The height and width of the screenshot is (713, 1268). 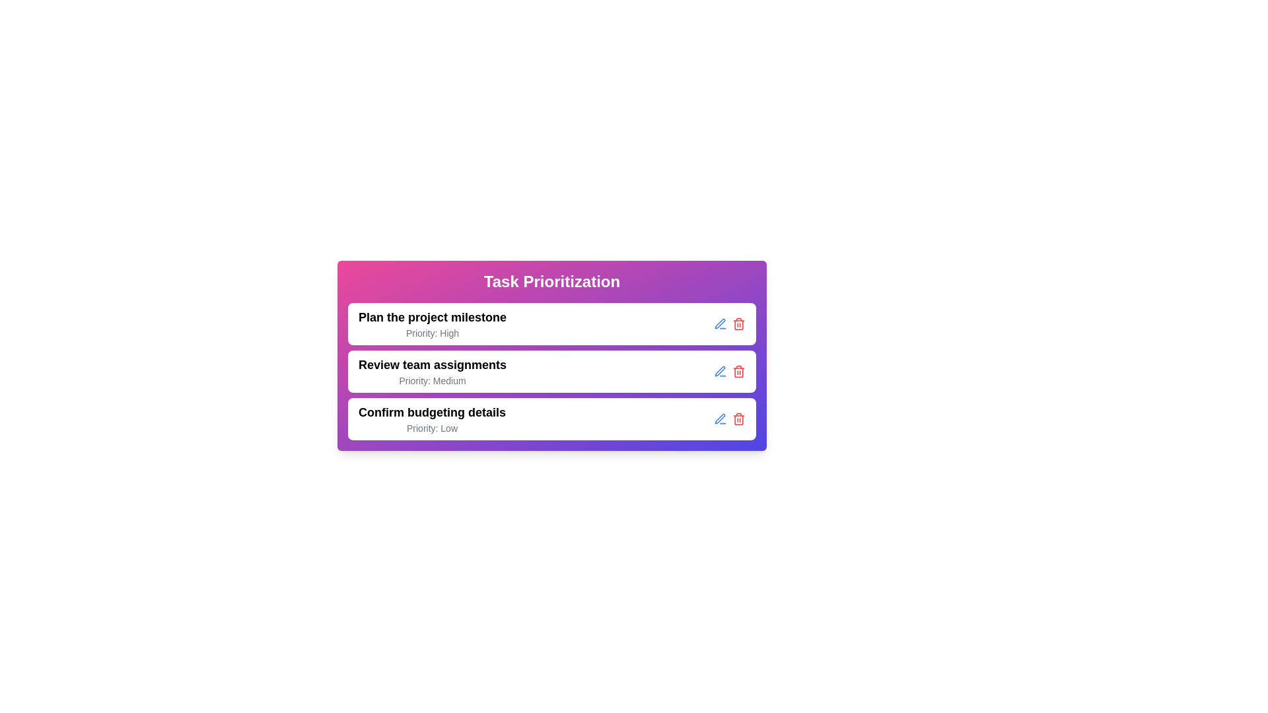 I want to click on the blue pen icon representing edit functionality, located in the second row of the task prioritization list, to emphasize the icon, so click(x=719, y=372).